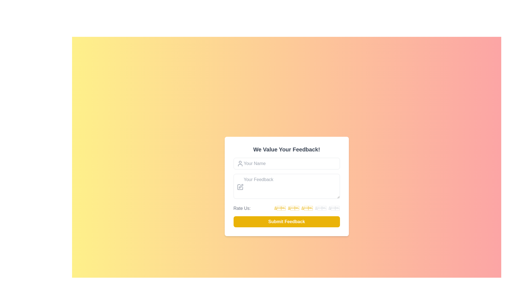 This screenshot has width=532, height=299. What do you see at coordinates (241, 186) in the screenshot?
I see `the small light gray pen icon located in the top left corner of the feedback text area, which is part of an interactive text input field` at bounding box center [241, 186].